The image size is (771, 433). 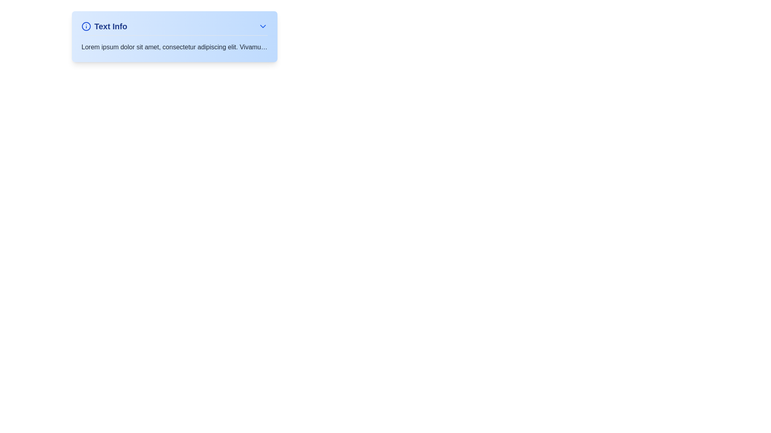 What do you see at coordinates (110, 26) in the screenshot?
I see `text from the Static text element located to the right of the circular blue icon with an 'i', aligned horizontally in the upper section of a card-like interface` at bounding box center [110, 26].